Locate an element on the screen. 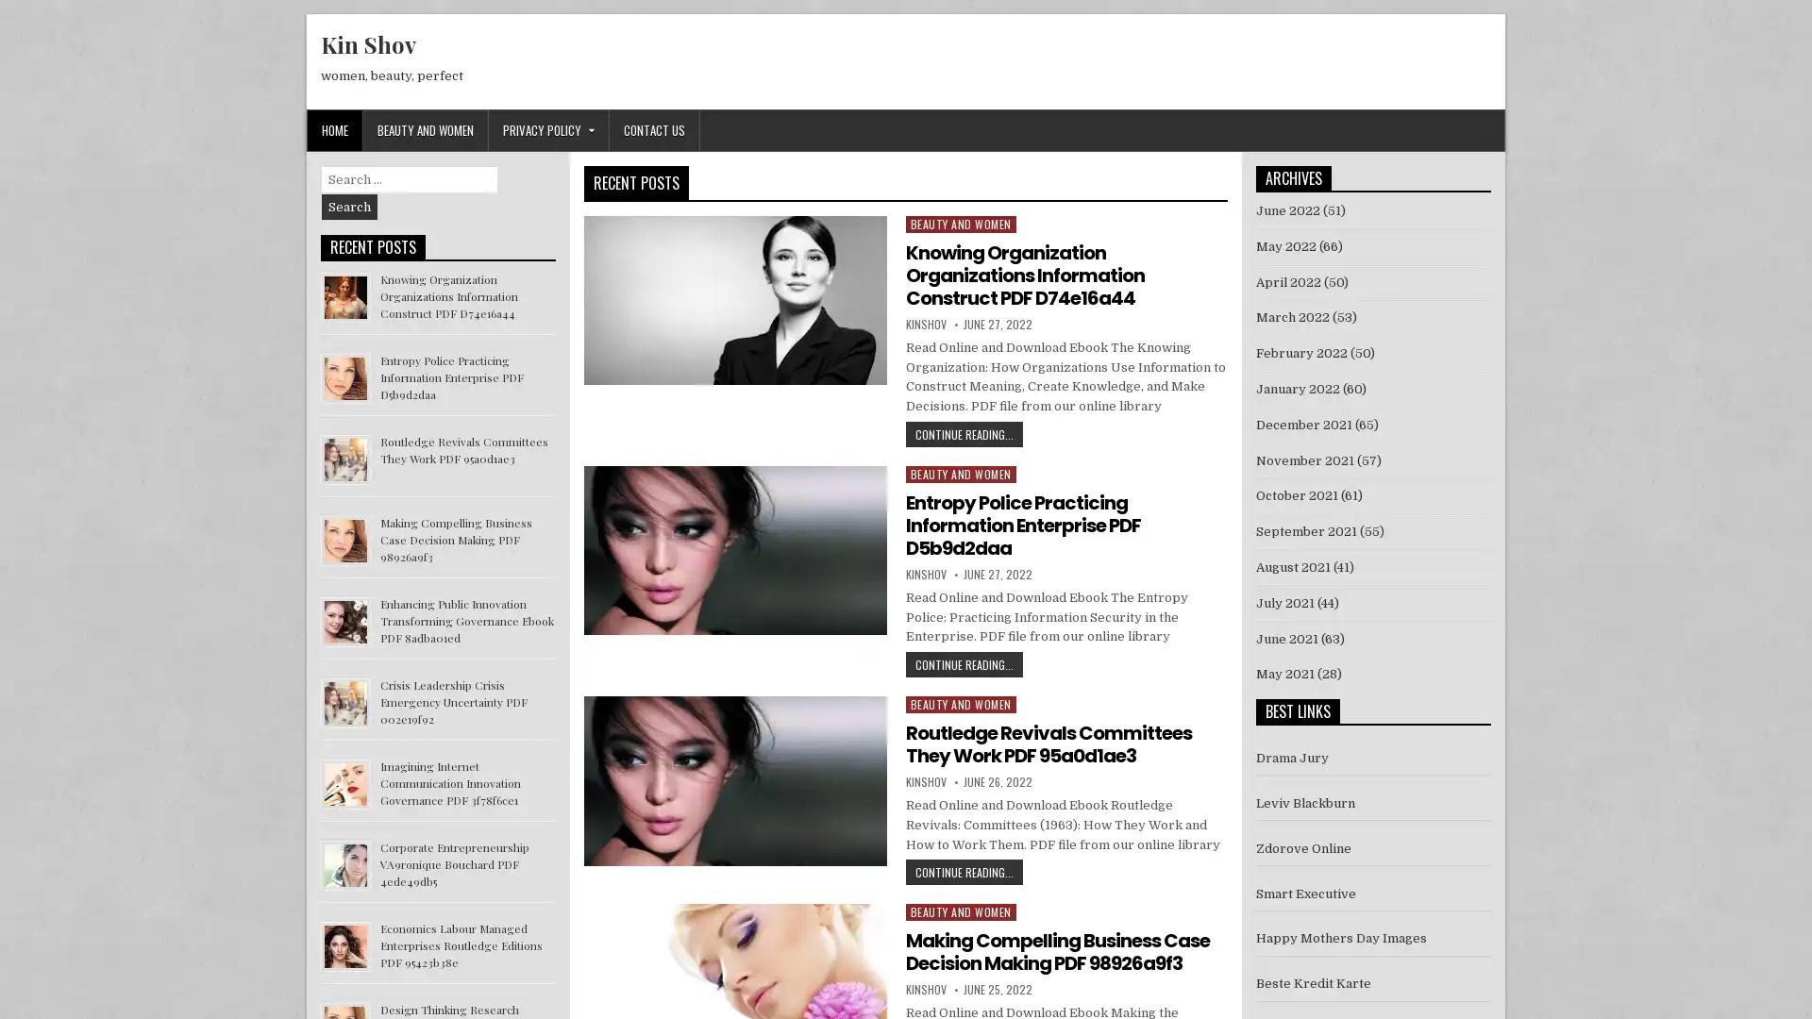 The image size is (1812, 1019). Search is located at coordinates (349, 207).